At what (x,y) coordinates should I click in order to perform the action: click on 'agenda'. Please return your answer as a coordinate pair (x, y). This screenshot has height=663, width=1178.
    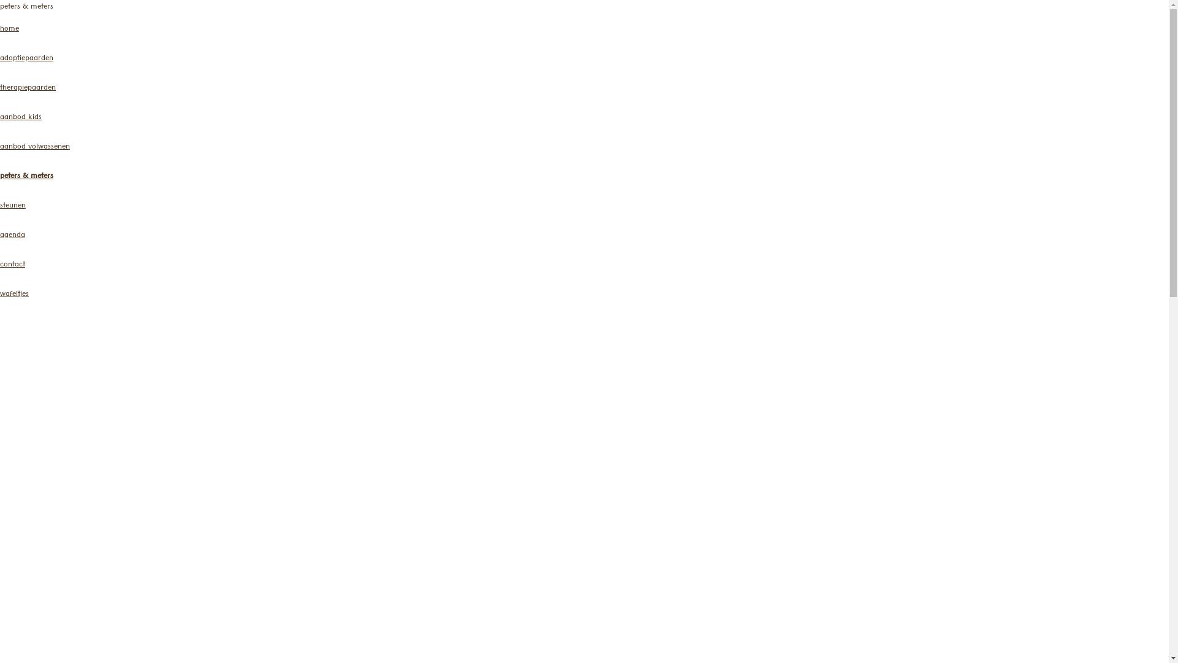
    Looking at the image, I should click on (12, 236).